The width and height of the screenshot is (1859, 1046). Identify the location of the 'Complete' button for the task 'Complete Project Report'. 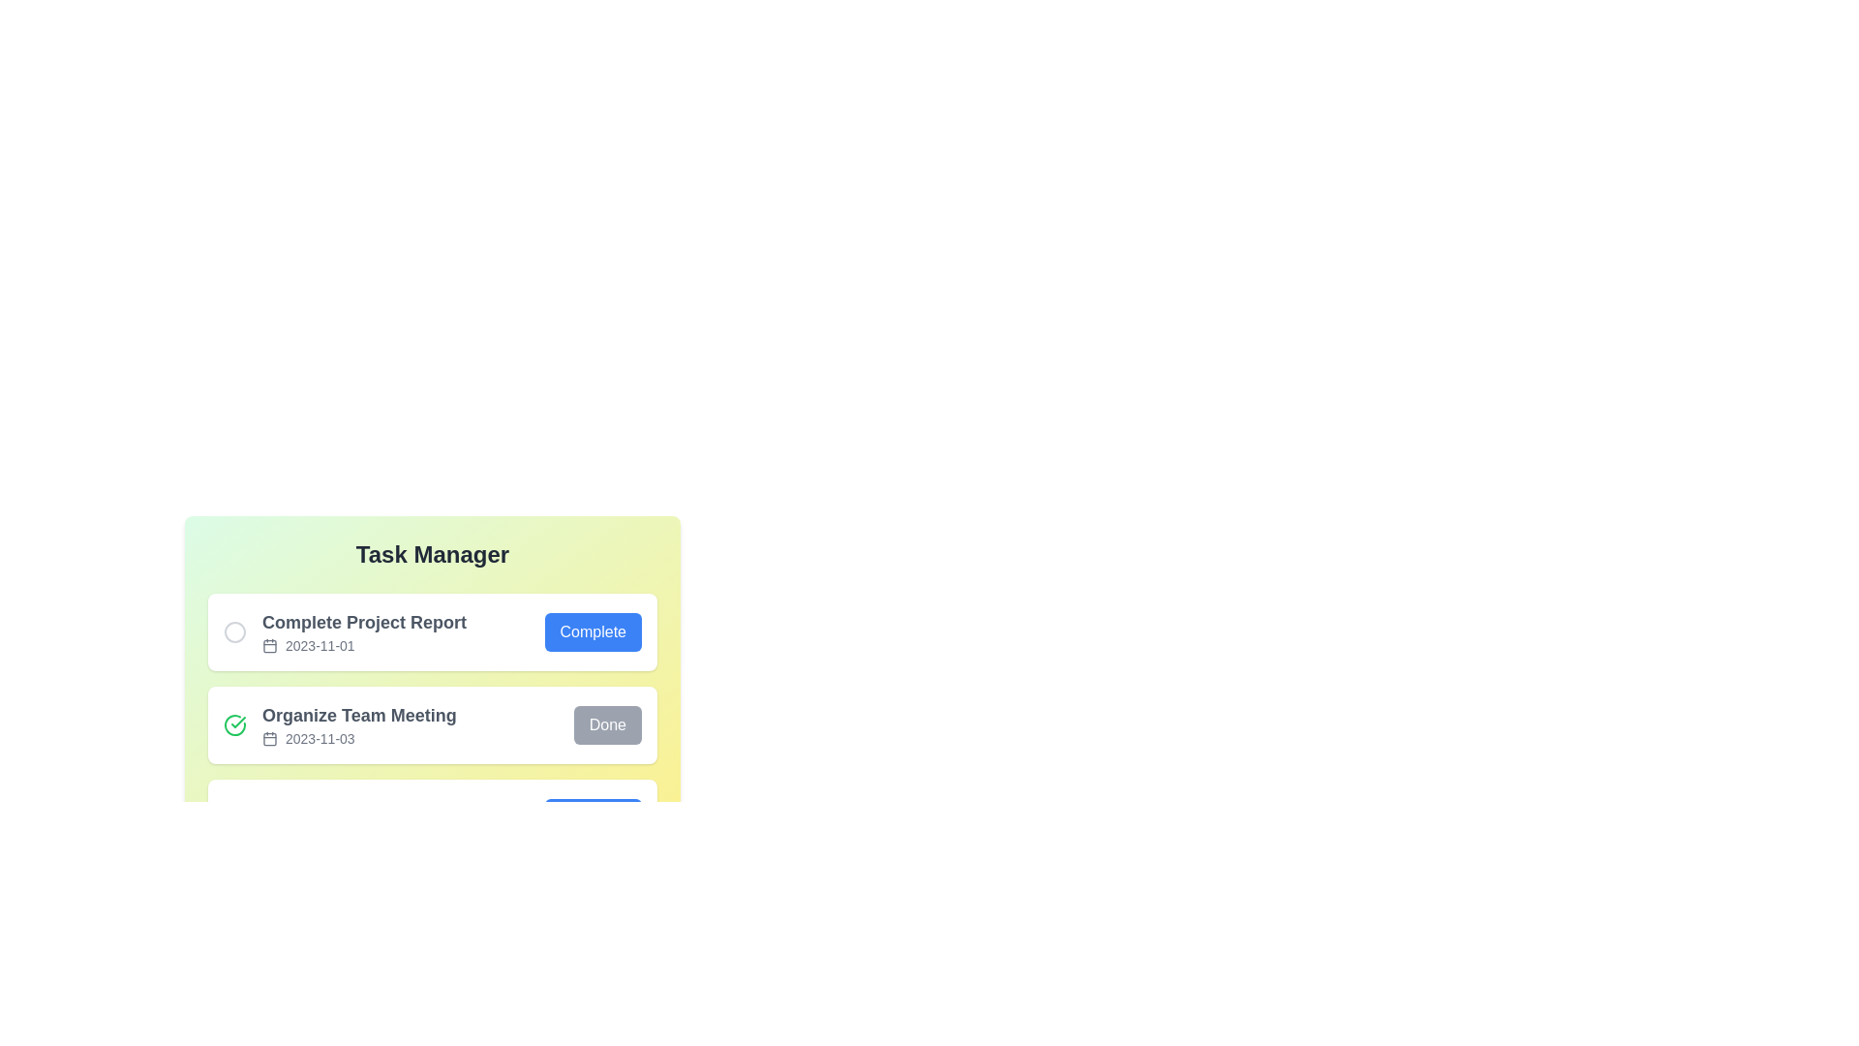
(591, 631).